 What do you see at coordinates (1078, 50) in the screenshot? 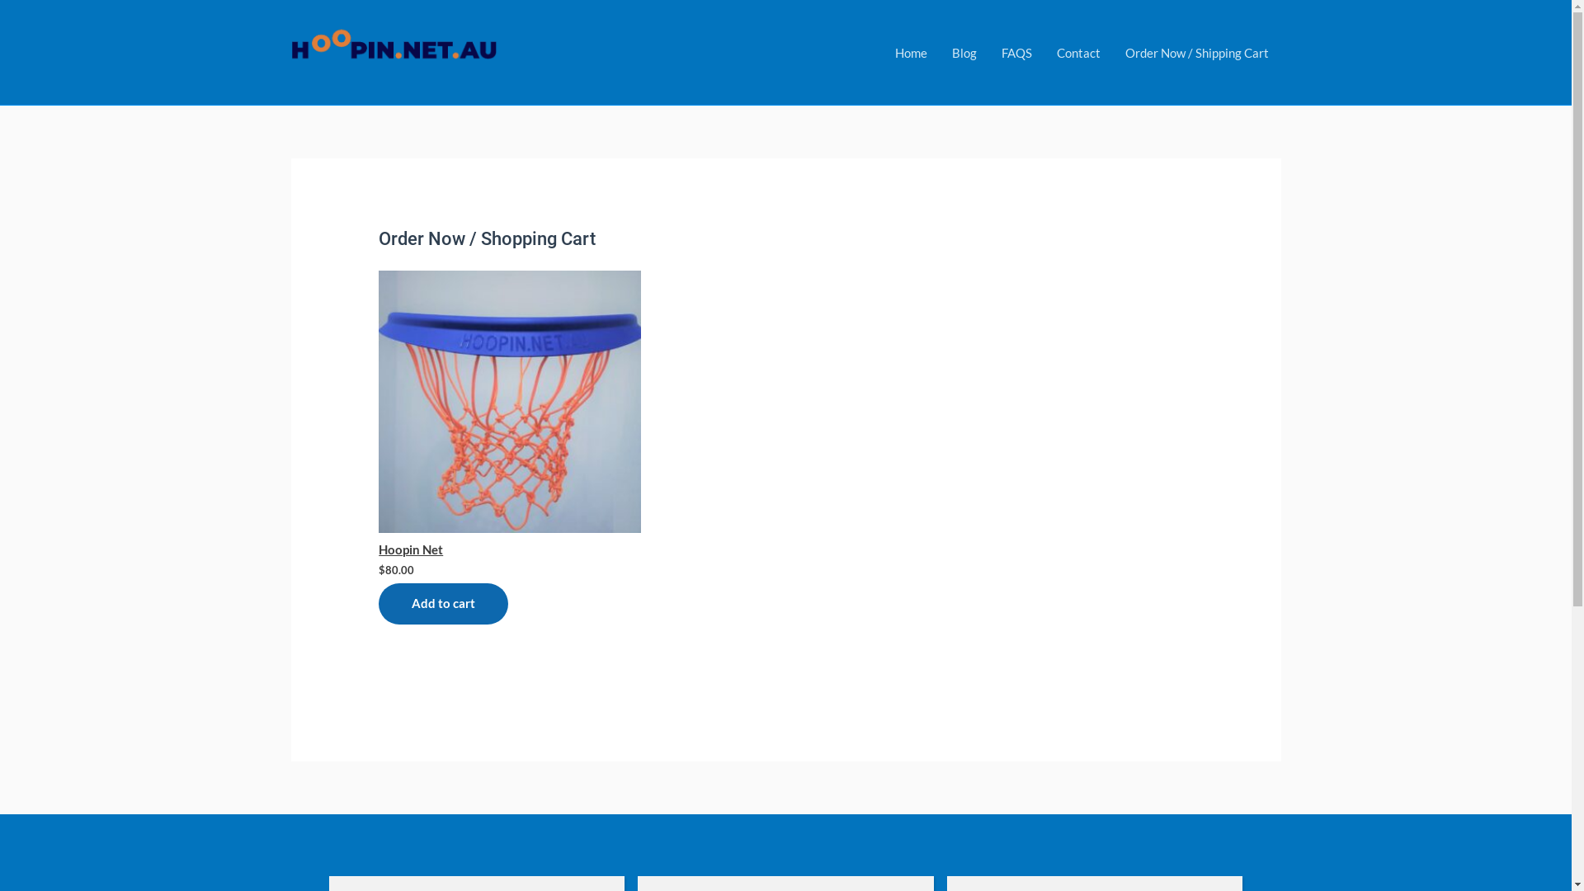
I see `'Contact'` at bounding box center [1078, 50].